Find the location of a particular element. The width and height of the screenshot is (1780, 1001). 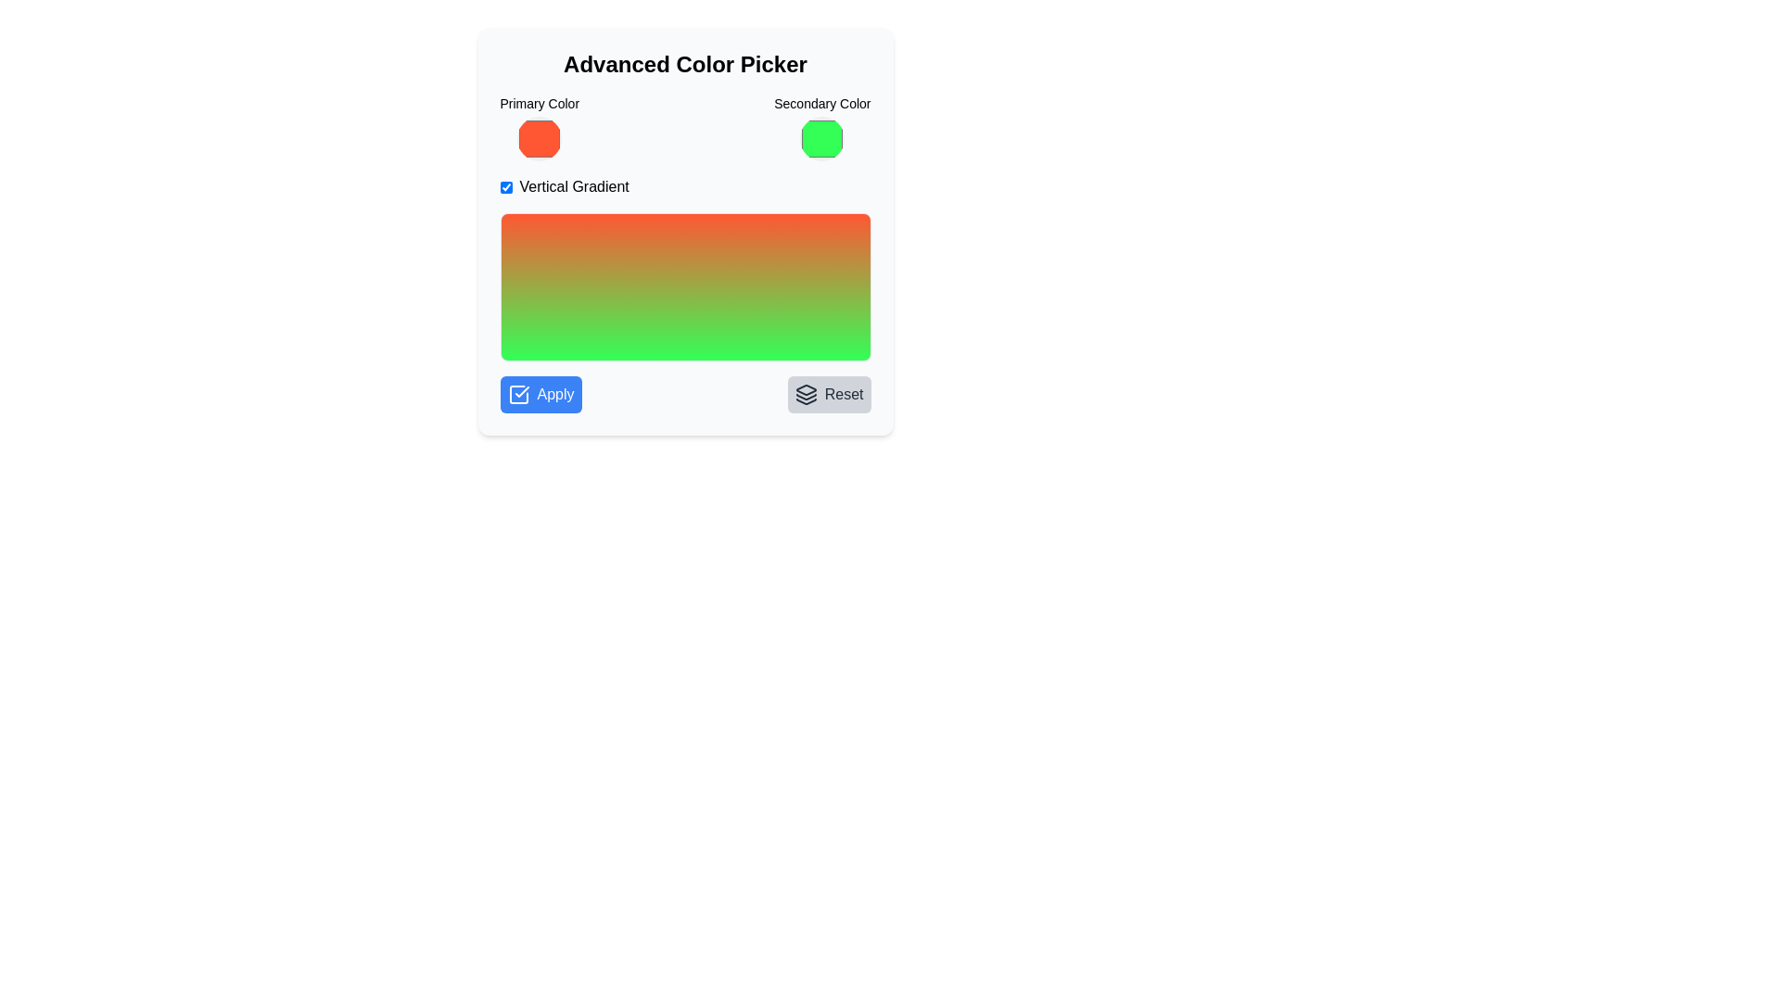

the green color preview circle labeled 'Secondary Color' is located at coordinates (821, 127).